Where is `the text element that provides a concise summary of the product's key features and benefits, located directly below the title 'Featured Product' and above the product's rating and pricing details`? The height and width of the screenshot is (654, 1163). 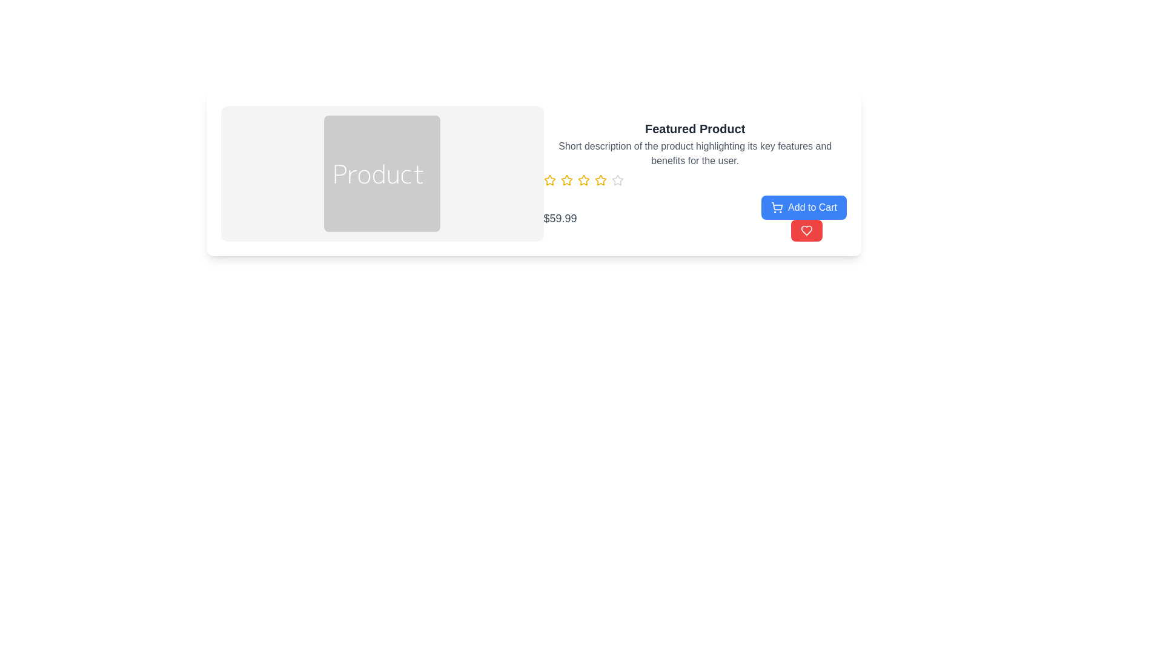
the text element that provides a concise summary of the product's key features and benefits, located directly below the title 'Featured Product' and above the product's rating and pricing details is located at coordinates (695, 153).